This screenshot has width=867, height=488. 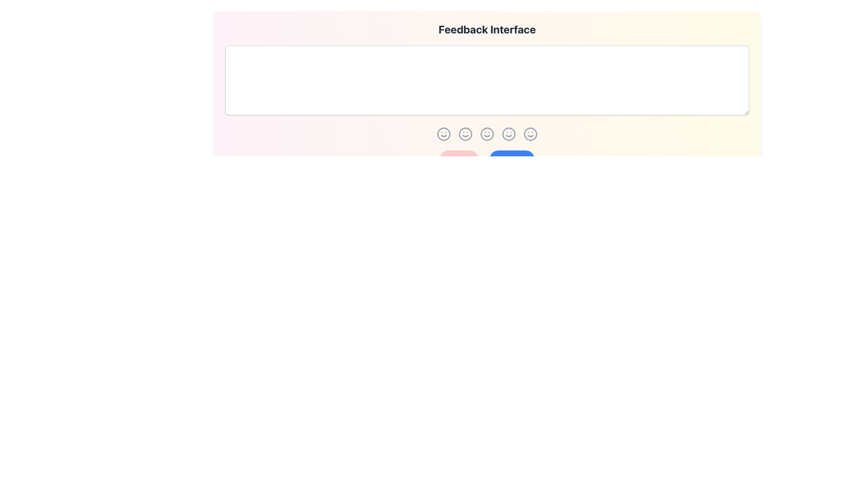 I want to click on the Header Text element which serves as the title for the user feedback section, so click(x=487, y=29).